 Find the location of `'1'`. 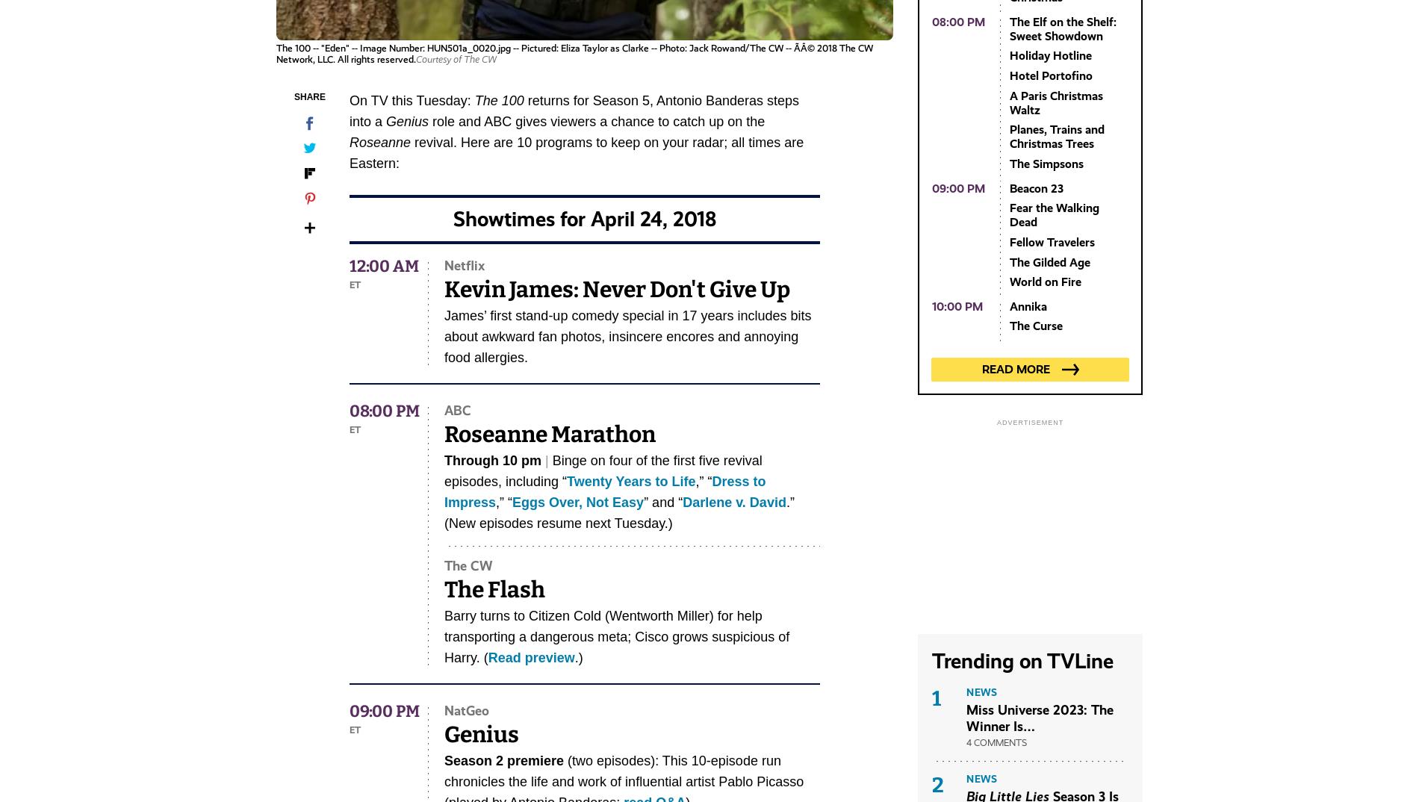

'1' is located at coordinates (936, 698).